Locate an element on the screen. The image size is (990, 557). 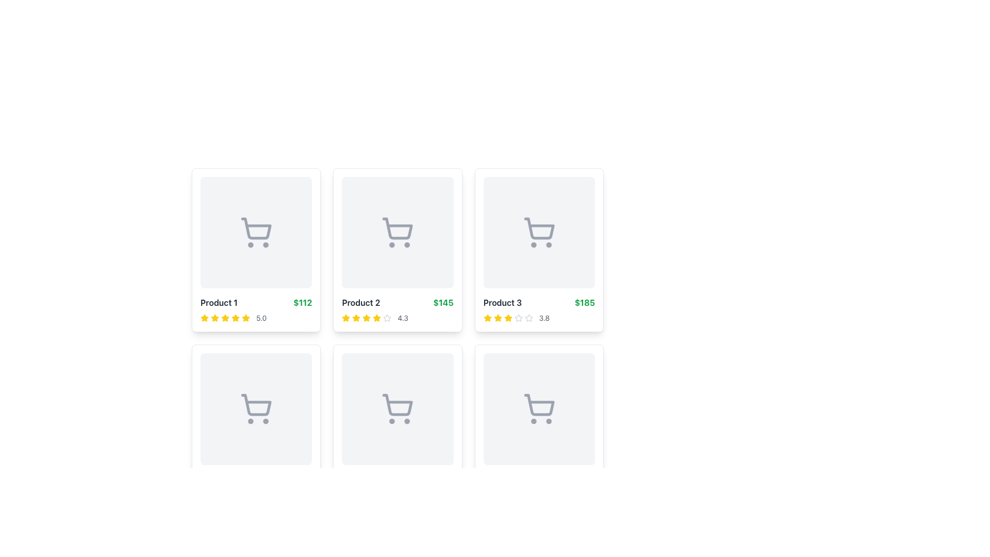
the product card component for 'Product 3', which features a gray shopping cart icon, the text 'Product 3' in bold dark gray, a price of '$185' in green, and a rating of 3.8 with yellow stars is located at coordinates (538, 250).